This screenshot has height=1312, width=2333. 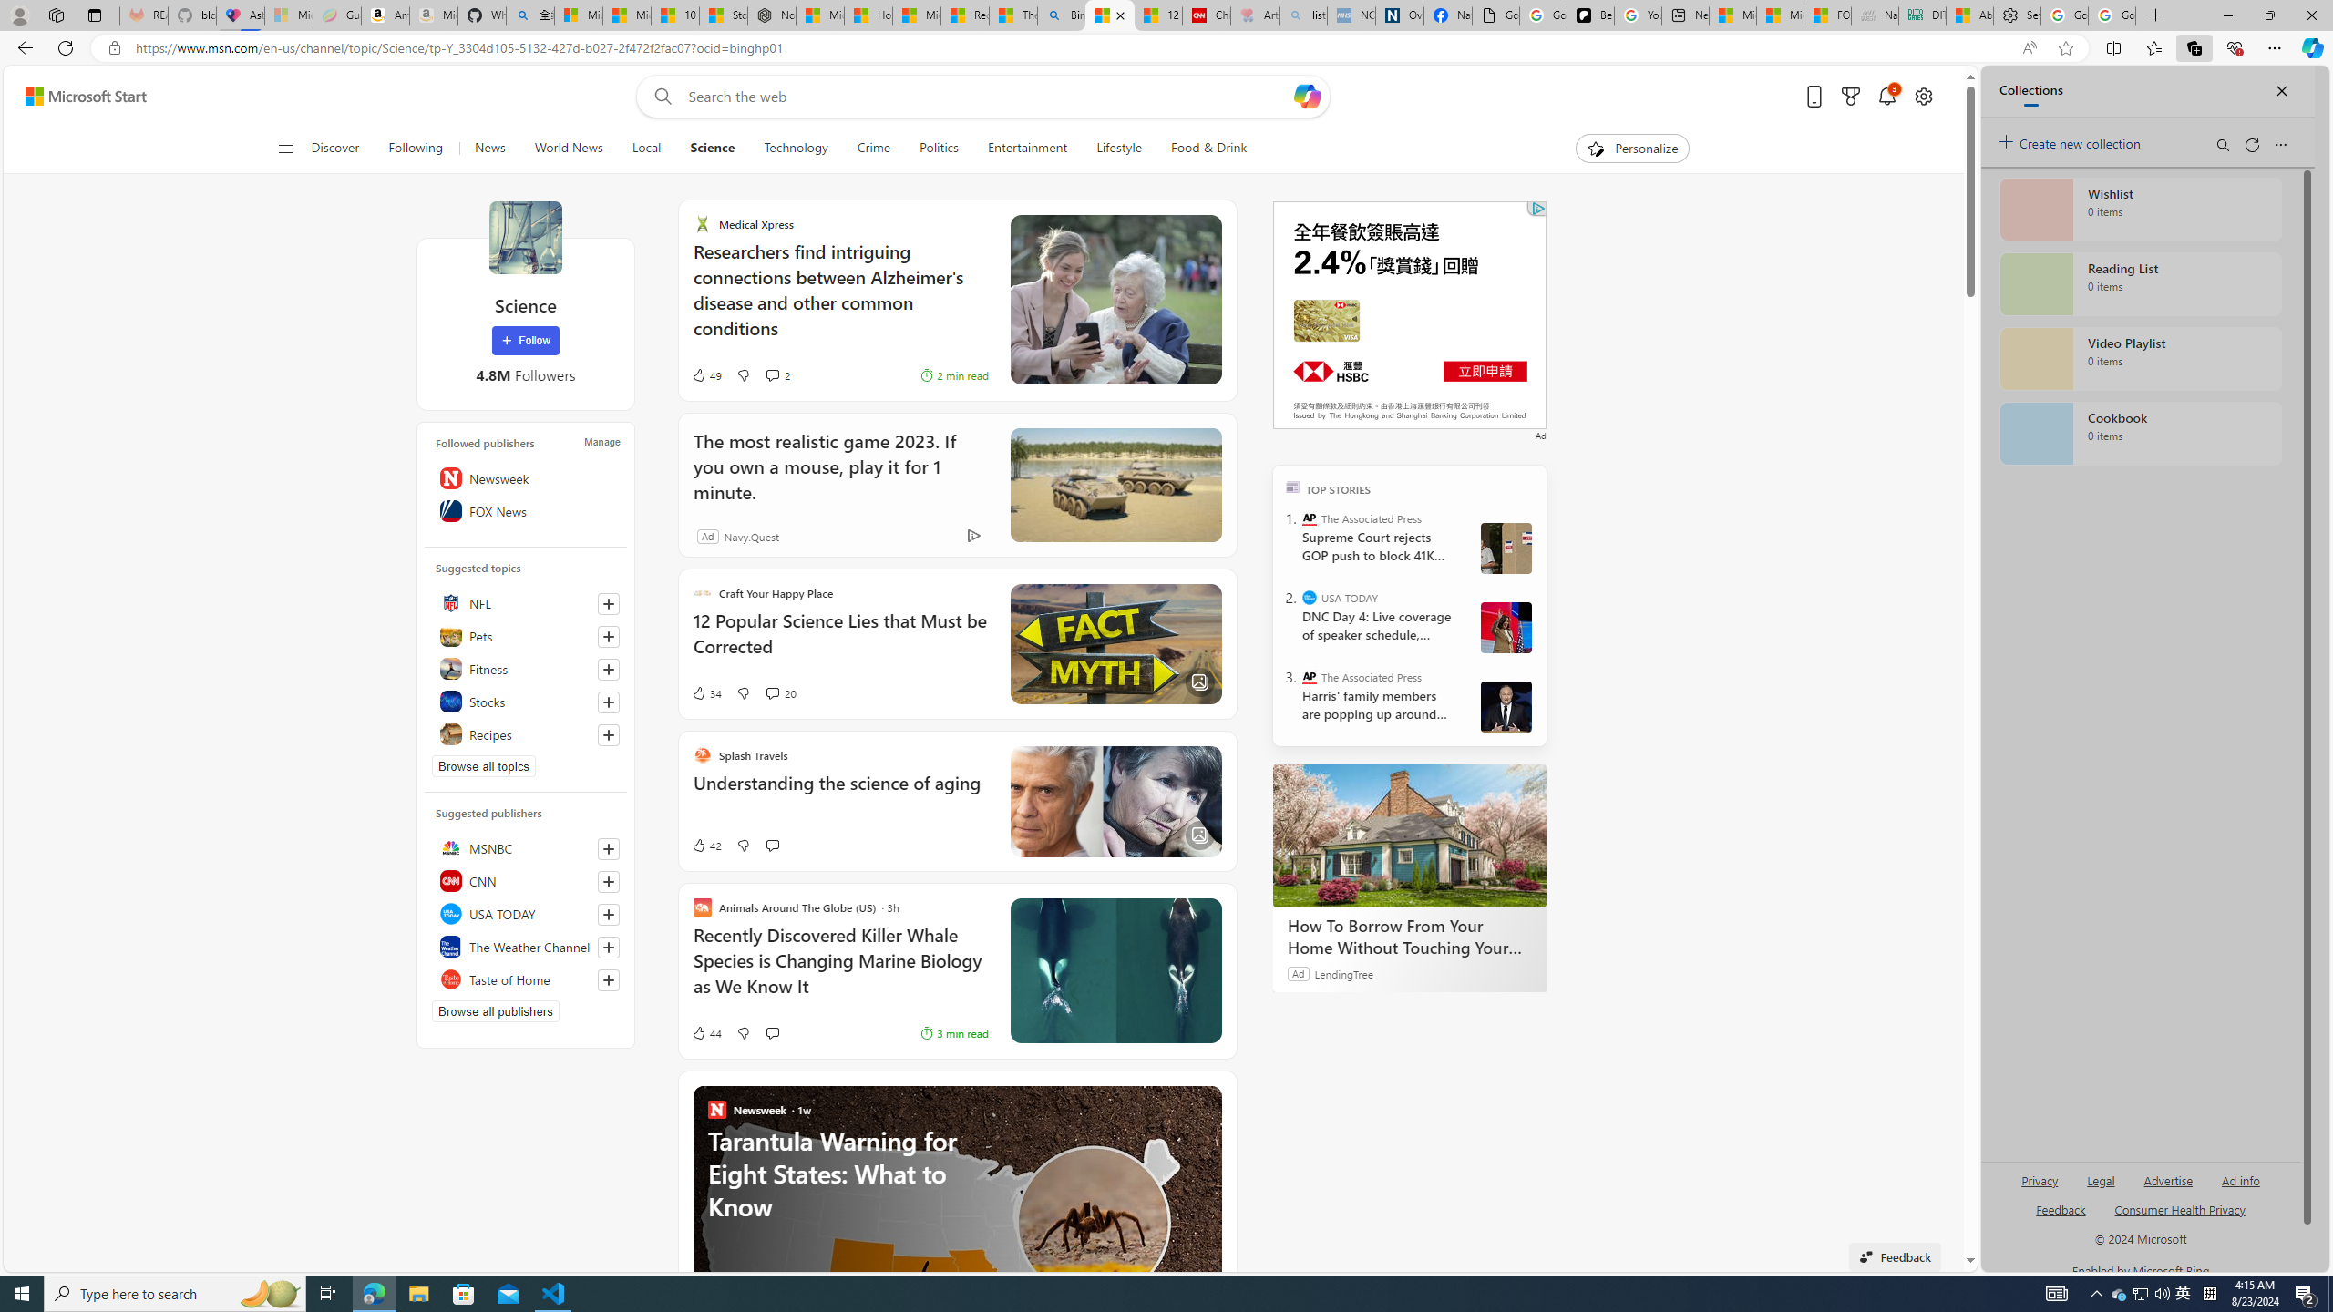 What do you see at coordinates (1589, 15) in the screenshot?
I see `'Be Smart | creating Science videos | Patreon'` at bounding box center [1589, 15].